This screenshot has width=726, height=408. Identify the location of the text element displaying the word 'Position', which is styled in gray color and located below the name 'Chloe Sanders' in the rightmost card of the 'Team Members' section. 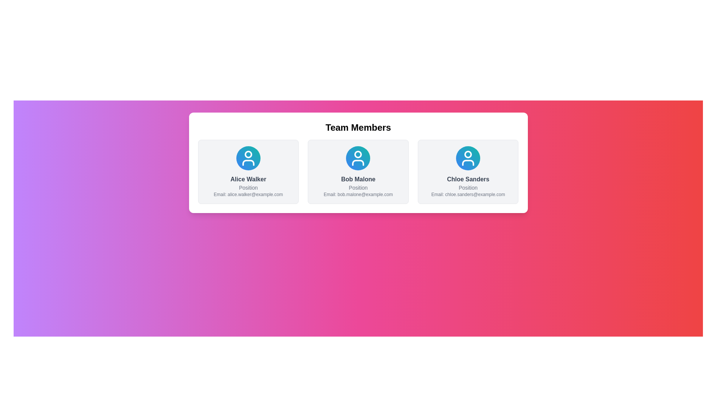
(468, 187).